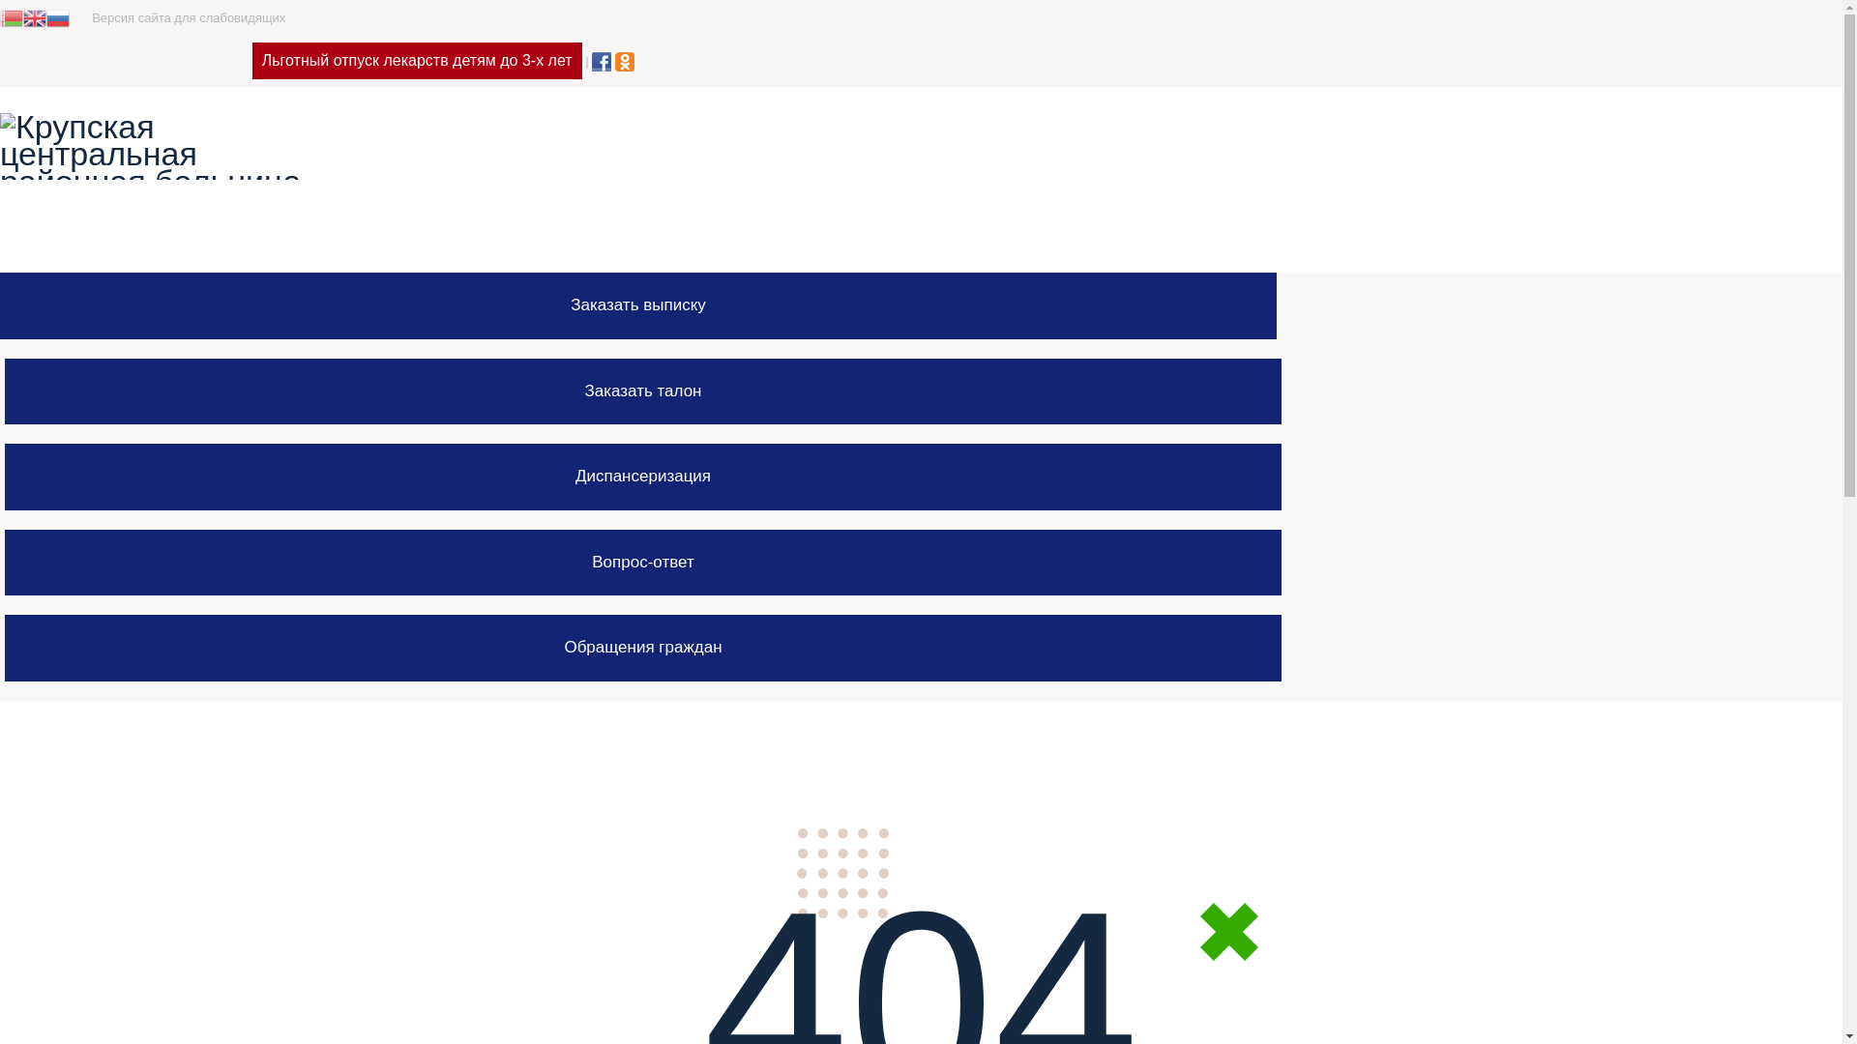 The width and height of the screenshot is (1857, 1044). I want to click on 'English', so click(35, 16).